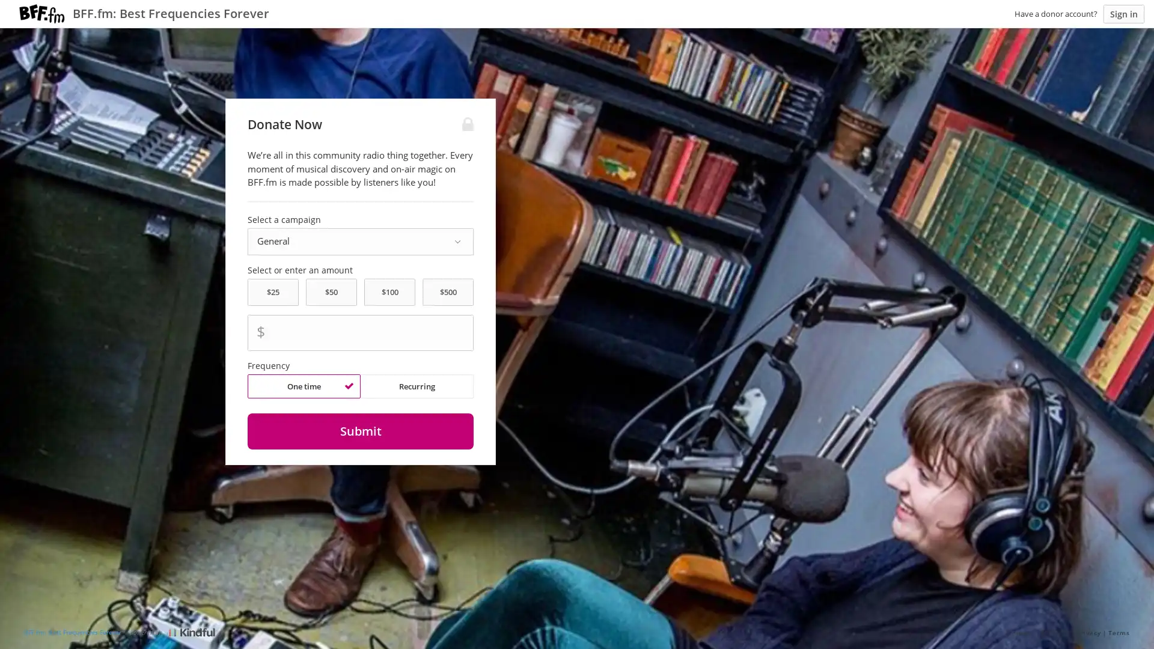 This screenshot has width=1154, height=649. Describe the element at coordinates (359, 430) in the screenshot. I see `Submit` at that location.